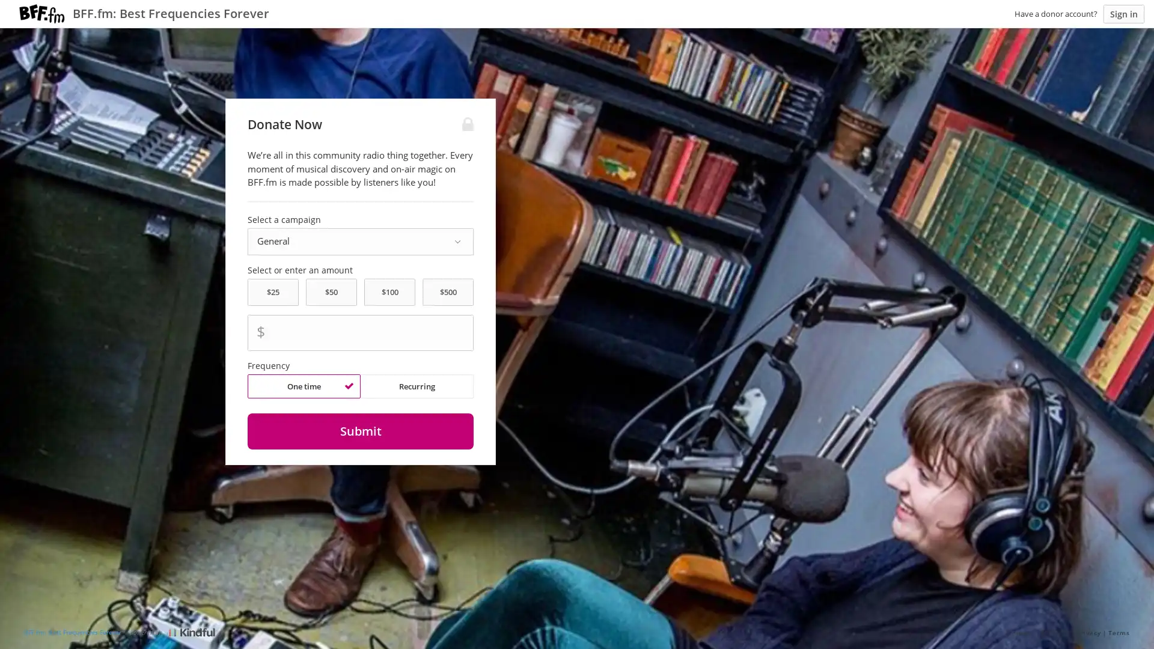 This screenshot has width=1154, height=649. Describe the element at coordinates (359, 430) in the screenshot. I see `Submit` at that location.